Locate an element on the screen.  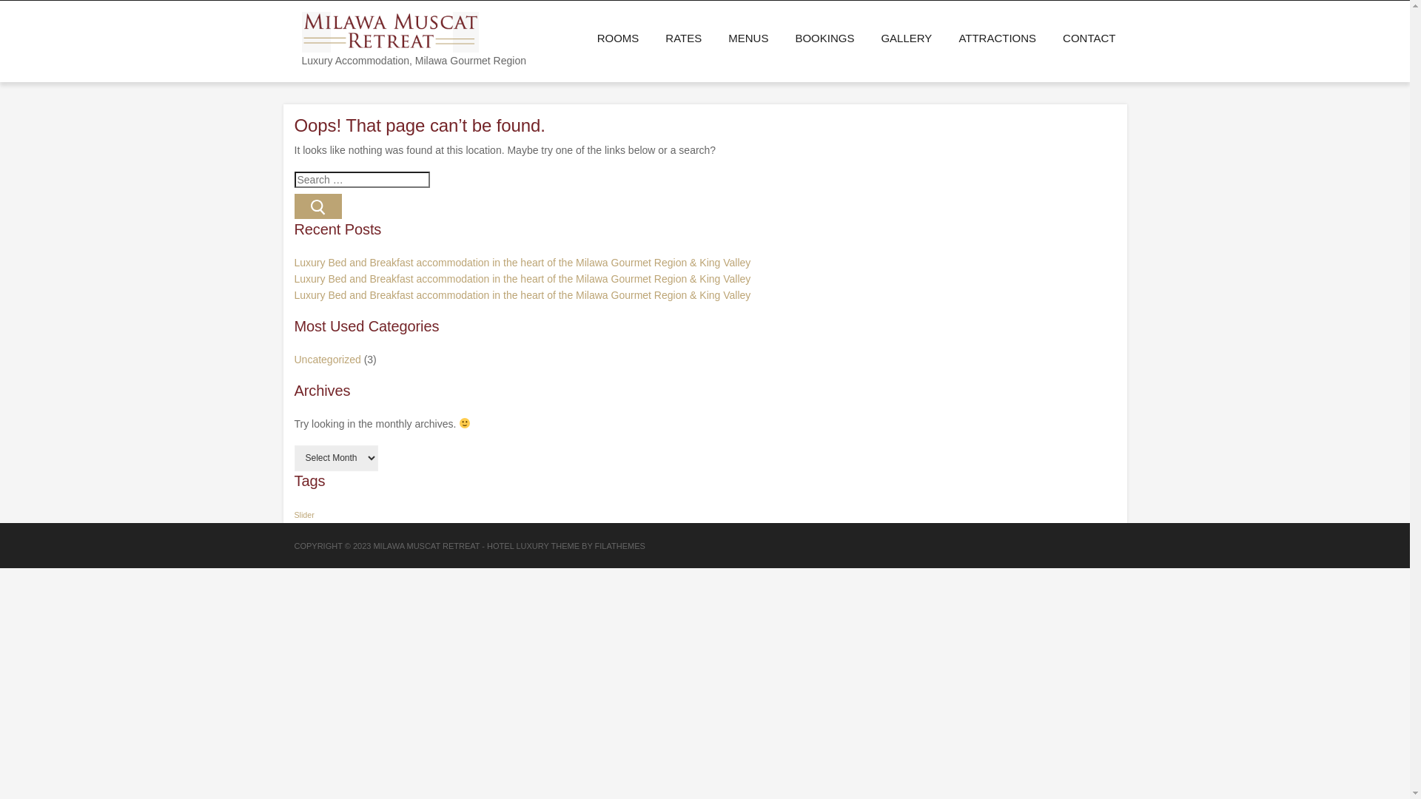
'HOTEL LUXURY' is located at coordinates (486, 545).